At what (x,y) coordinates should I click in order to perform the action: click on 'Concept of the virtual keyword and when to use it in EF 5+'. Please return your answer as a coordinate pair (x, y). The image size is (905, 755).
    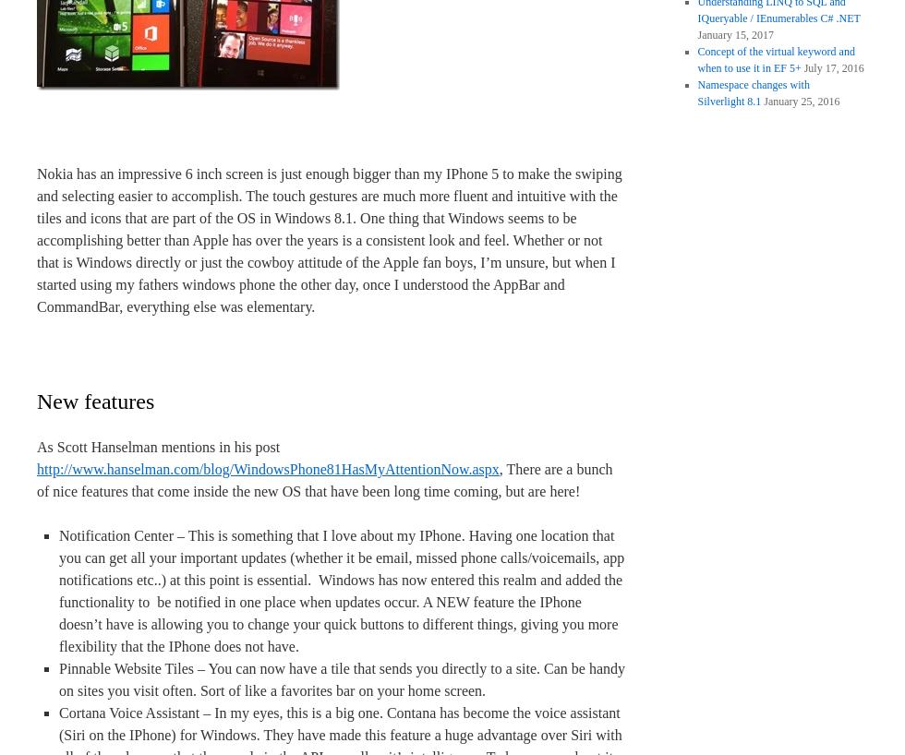
    Looking at the image, I should click on (696, 59).